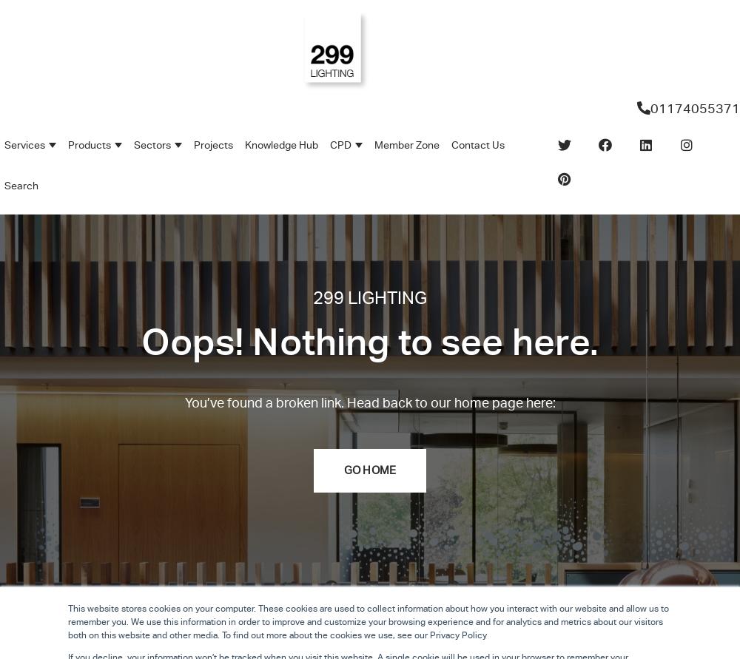 This screenshot has width=740, height=659. I want to click on 'Sectors', so click(152, 145).